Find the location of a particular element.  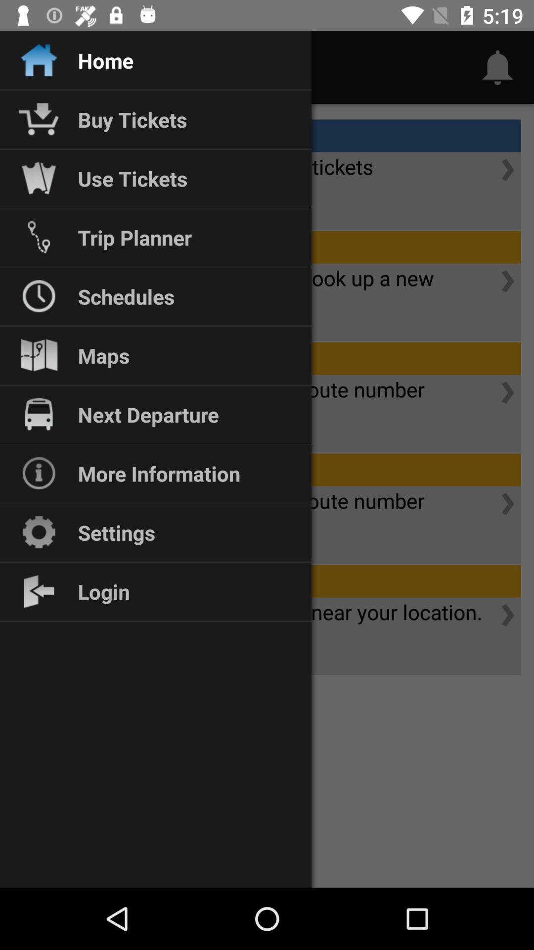

bell icon which is on the top right corner of page is located at coordinates (497, 67).